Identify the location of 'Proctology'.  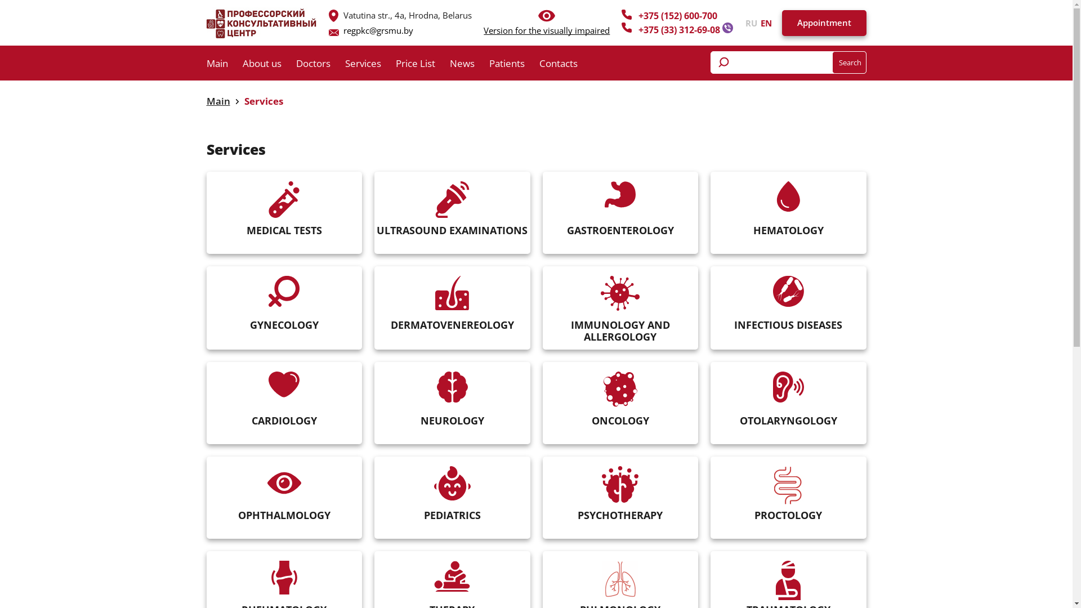
(788, 484).